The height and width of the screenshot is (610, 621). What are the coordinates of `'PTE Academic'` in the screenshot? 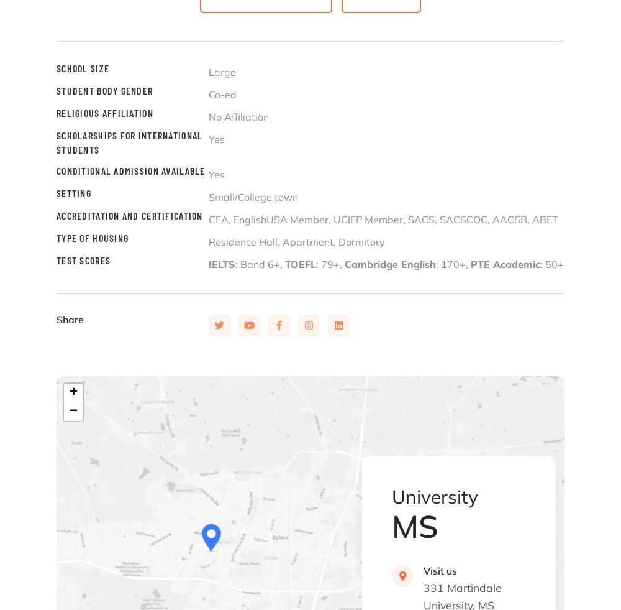 It's located at (471, 263).